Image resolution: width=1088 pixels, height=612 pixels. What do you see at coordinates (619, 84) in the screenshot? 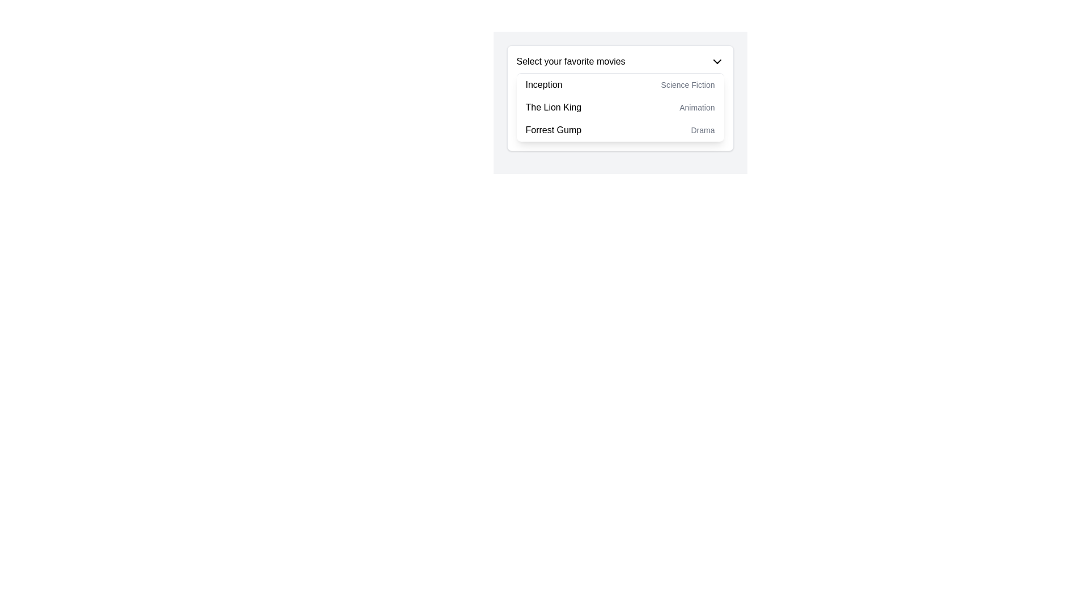
I see `the first list item element in the dropdown menu, which displays 'Inception' in bold black font and 'Science Fiction' in gray font` at bounding box center [619, 84].